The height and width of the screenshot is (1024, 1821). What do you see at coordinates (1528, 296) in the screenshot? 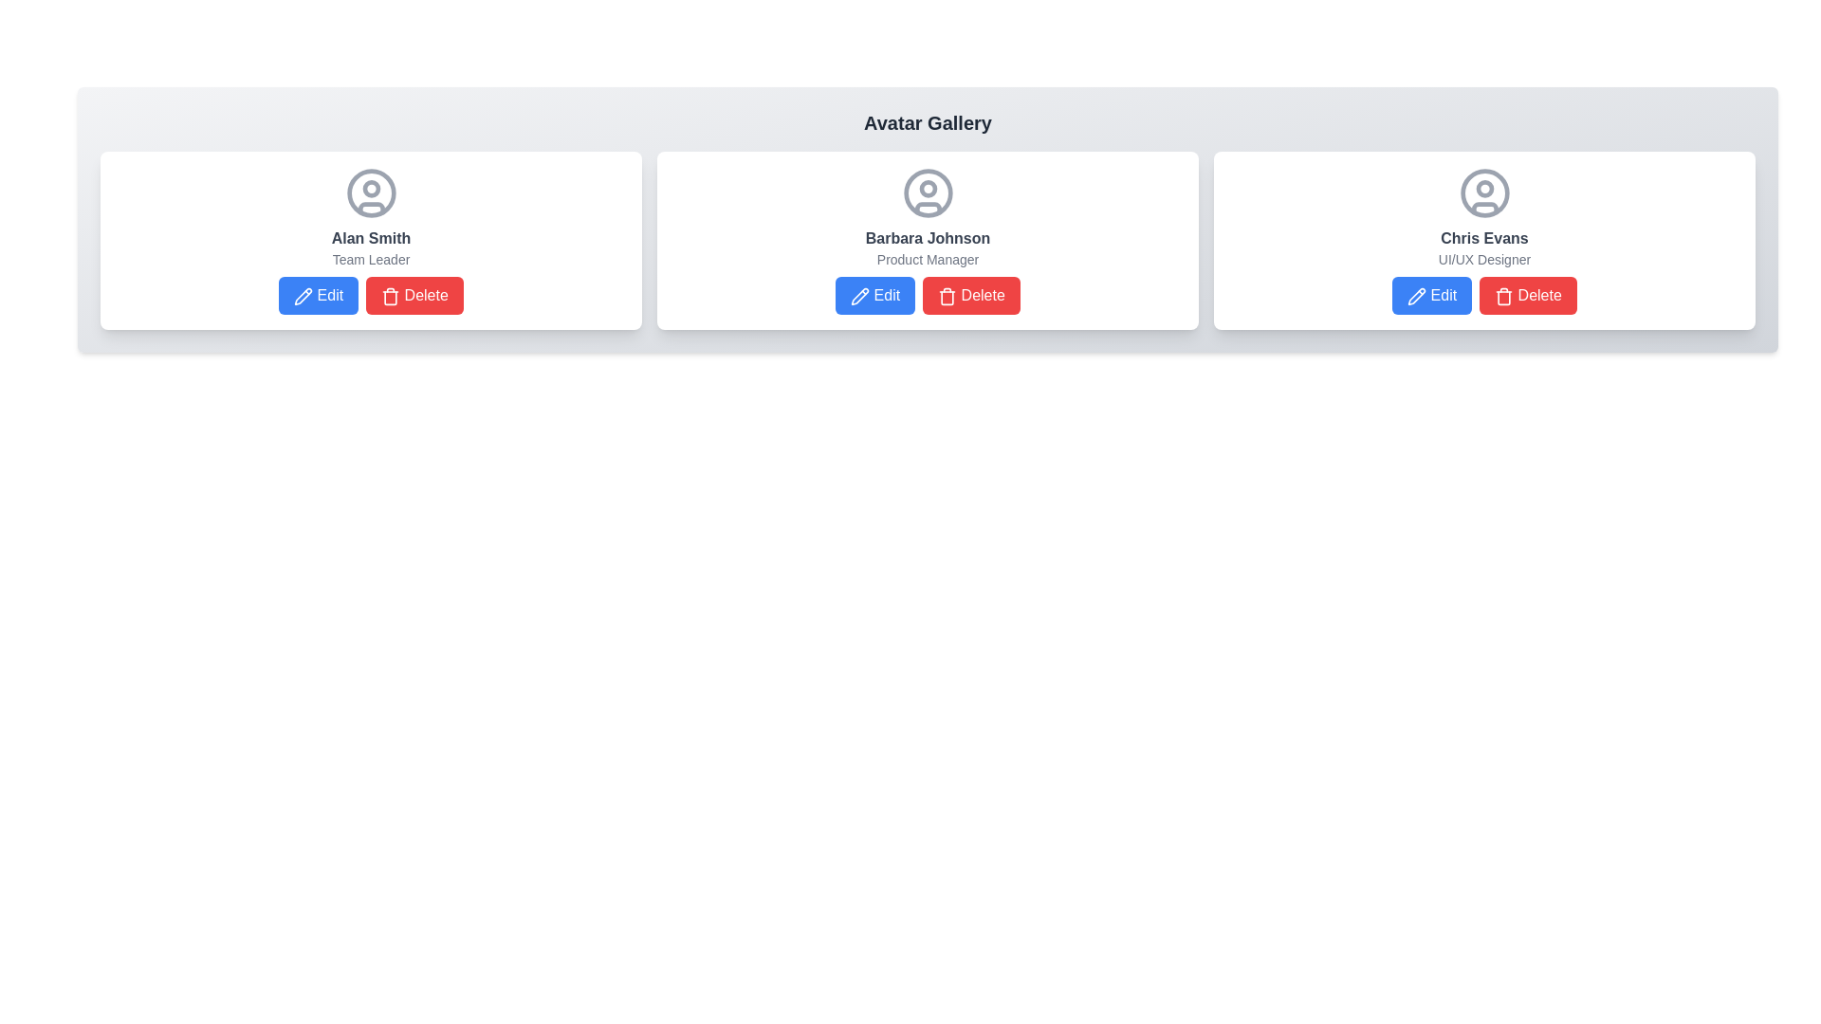
I see `the 'Delete' button with a red background and white text, located to the right of the 'Edit' button in the card representing 'Chris Evans', to initiate a delete action` at bounding box center [1528, 296].